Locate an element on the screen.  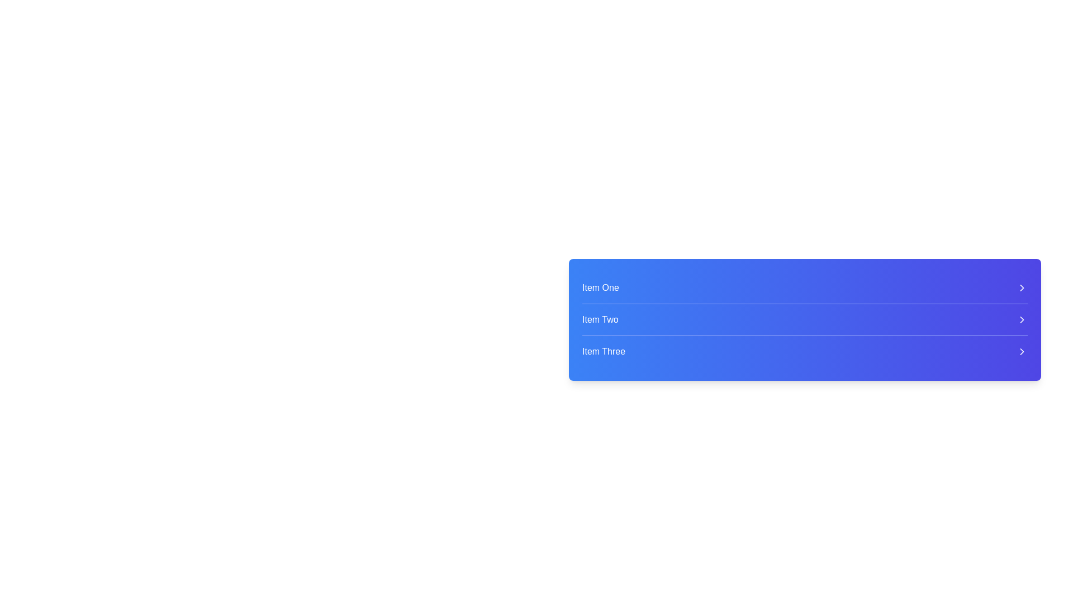
the right-arrow chevron icon positioned to the far right of the 'Item Three' text in the vertical list-style menu is located at coordinates (1022, 351).